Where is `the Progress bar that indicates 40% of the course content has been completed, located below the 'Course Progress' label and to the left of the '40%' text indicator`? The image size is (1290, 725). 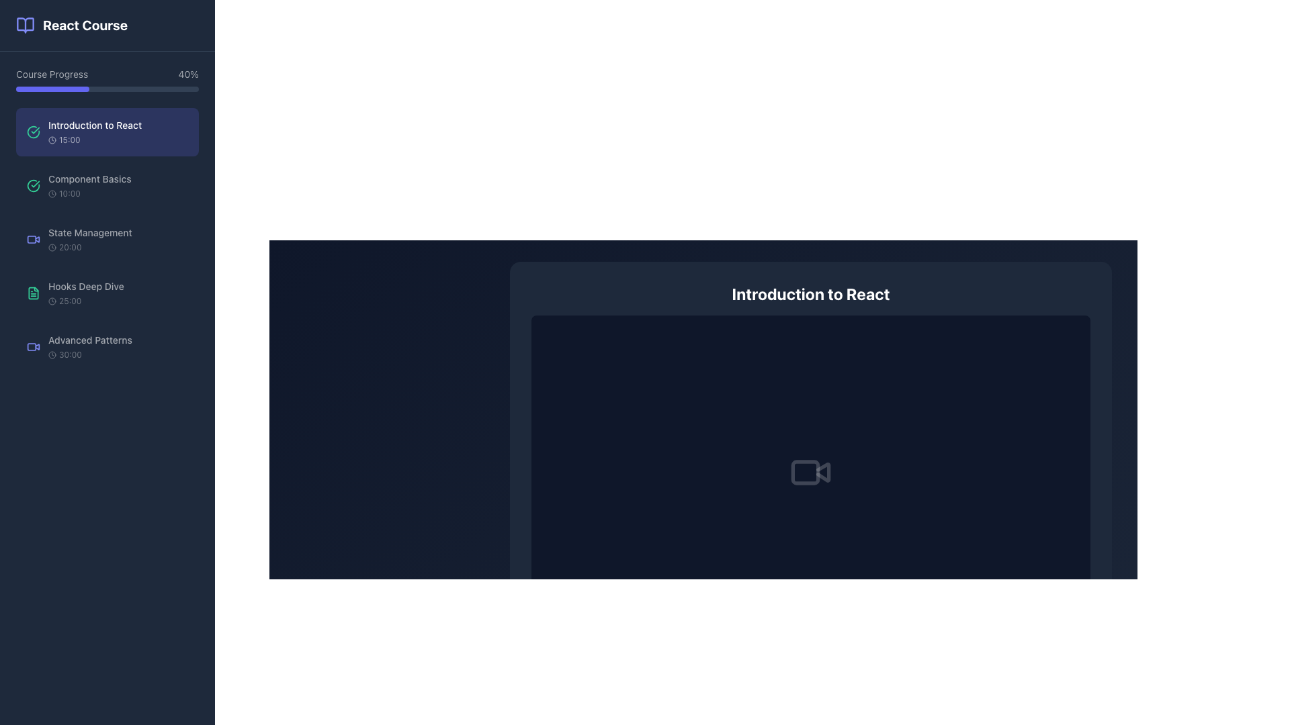 the Progress bar that indicates 40% of the course content has been completed, located below the 'Course Progress' label and to the left of the '40%' text indicator is located at coordinates (106, 89).